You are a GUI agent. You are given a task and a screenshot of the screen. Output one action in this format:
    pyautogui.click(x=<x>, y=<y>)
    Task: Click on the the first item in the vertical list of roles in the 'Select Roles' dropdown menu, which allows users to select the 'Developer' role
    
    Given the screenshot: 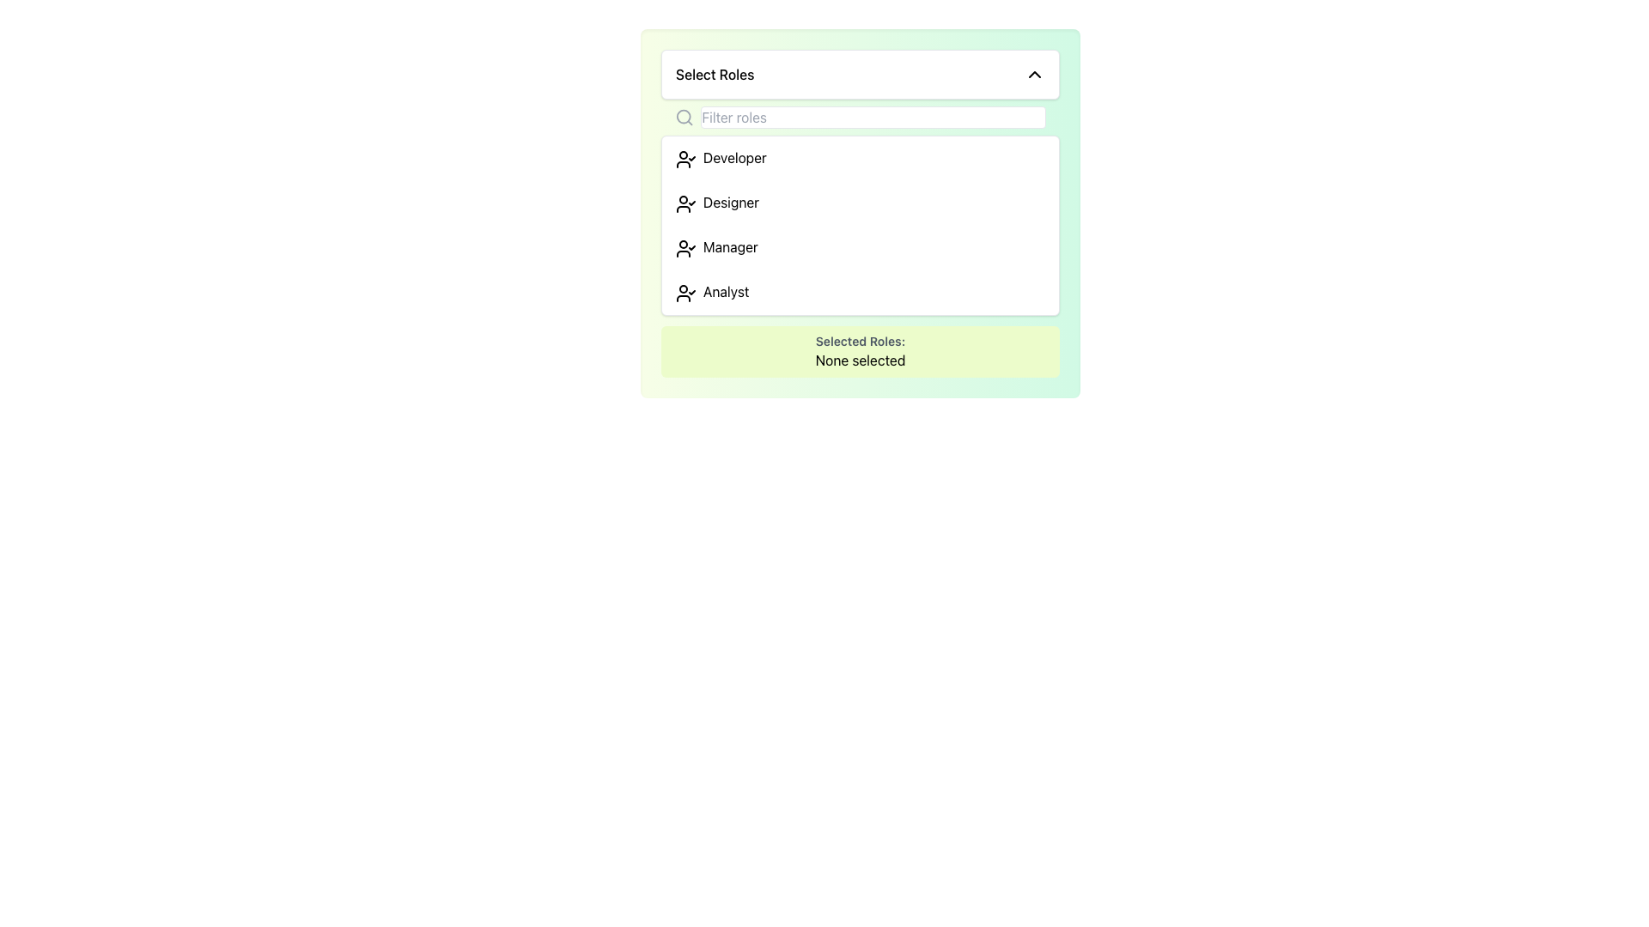 What is the action you would take?
    pyautogui.click(x=861, y=159)
    